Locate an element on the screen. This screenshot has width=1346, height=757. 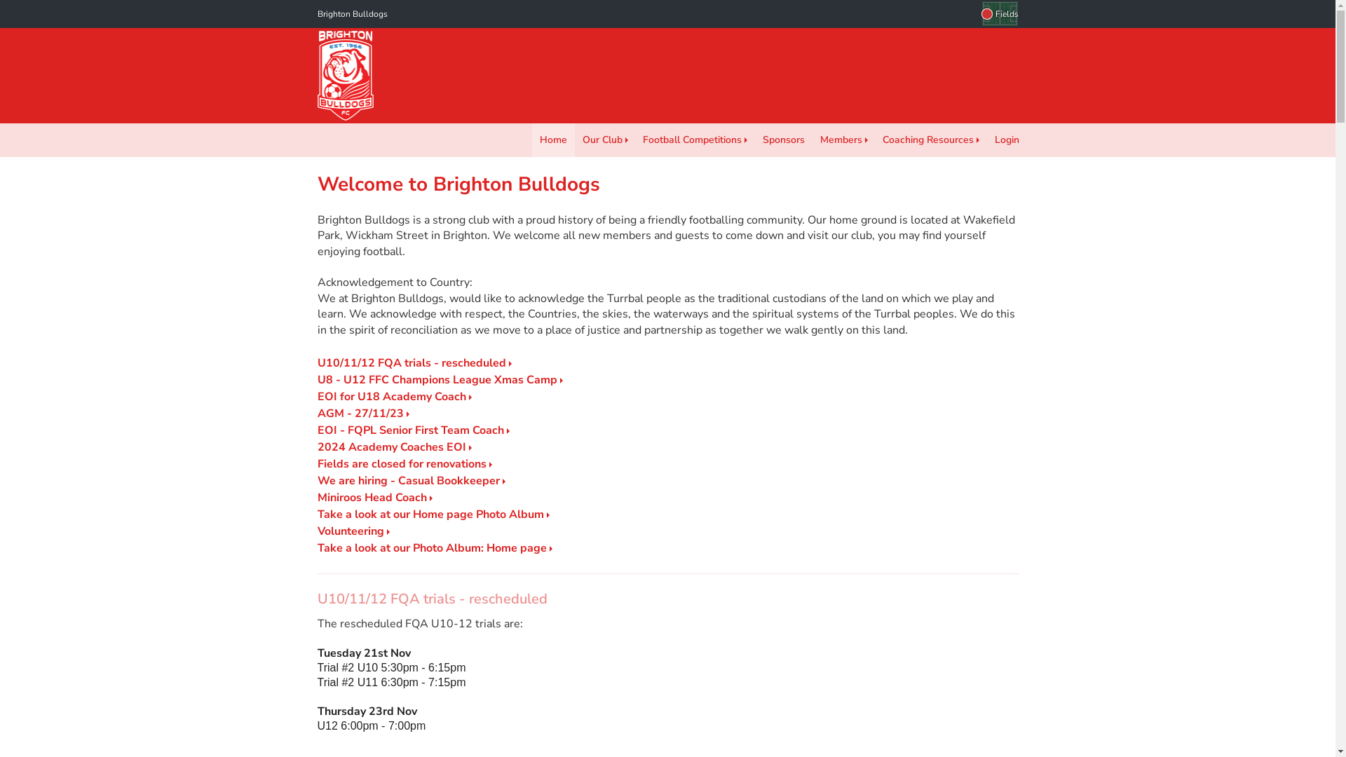
'Brighton Bulldogs' is located at coordinates (352, 13).